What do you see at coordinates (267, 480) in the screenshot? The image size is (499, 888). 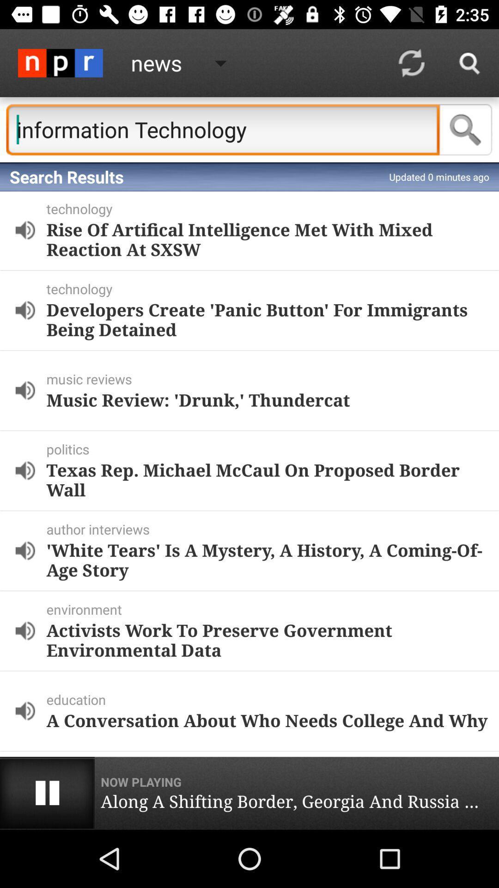 I see `the item above author interviews item` at bounding box center [267, 480].